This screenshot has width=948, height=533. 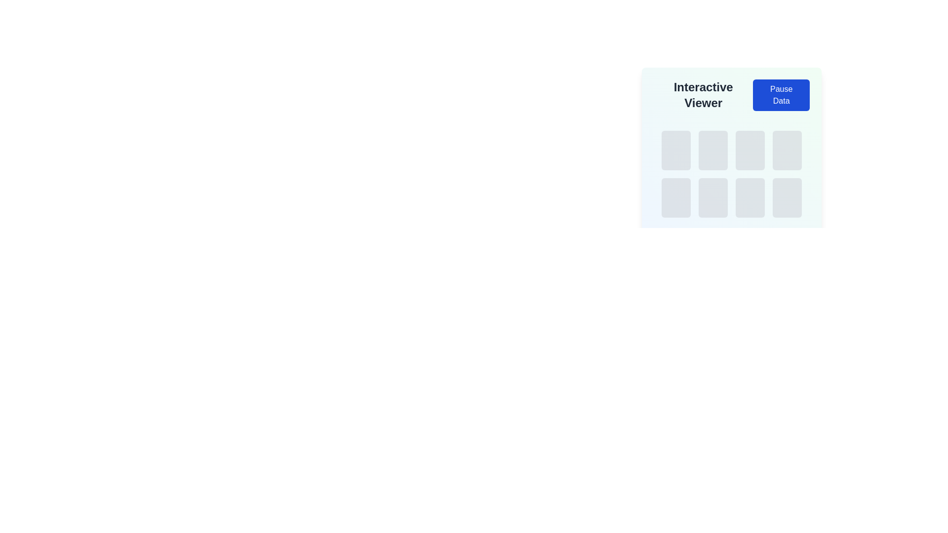 I want to click on the visual placeholder loading box, which is a rectangular box with rounded corners and a gray background, located in the top row as the second item in a grid layout, so click(x=713, y=150).